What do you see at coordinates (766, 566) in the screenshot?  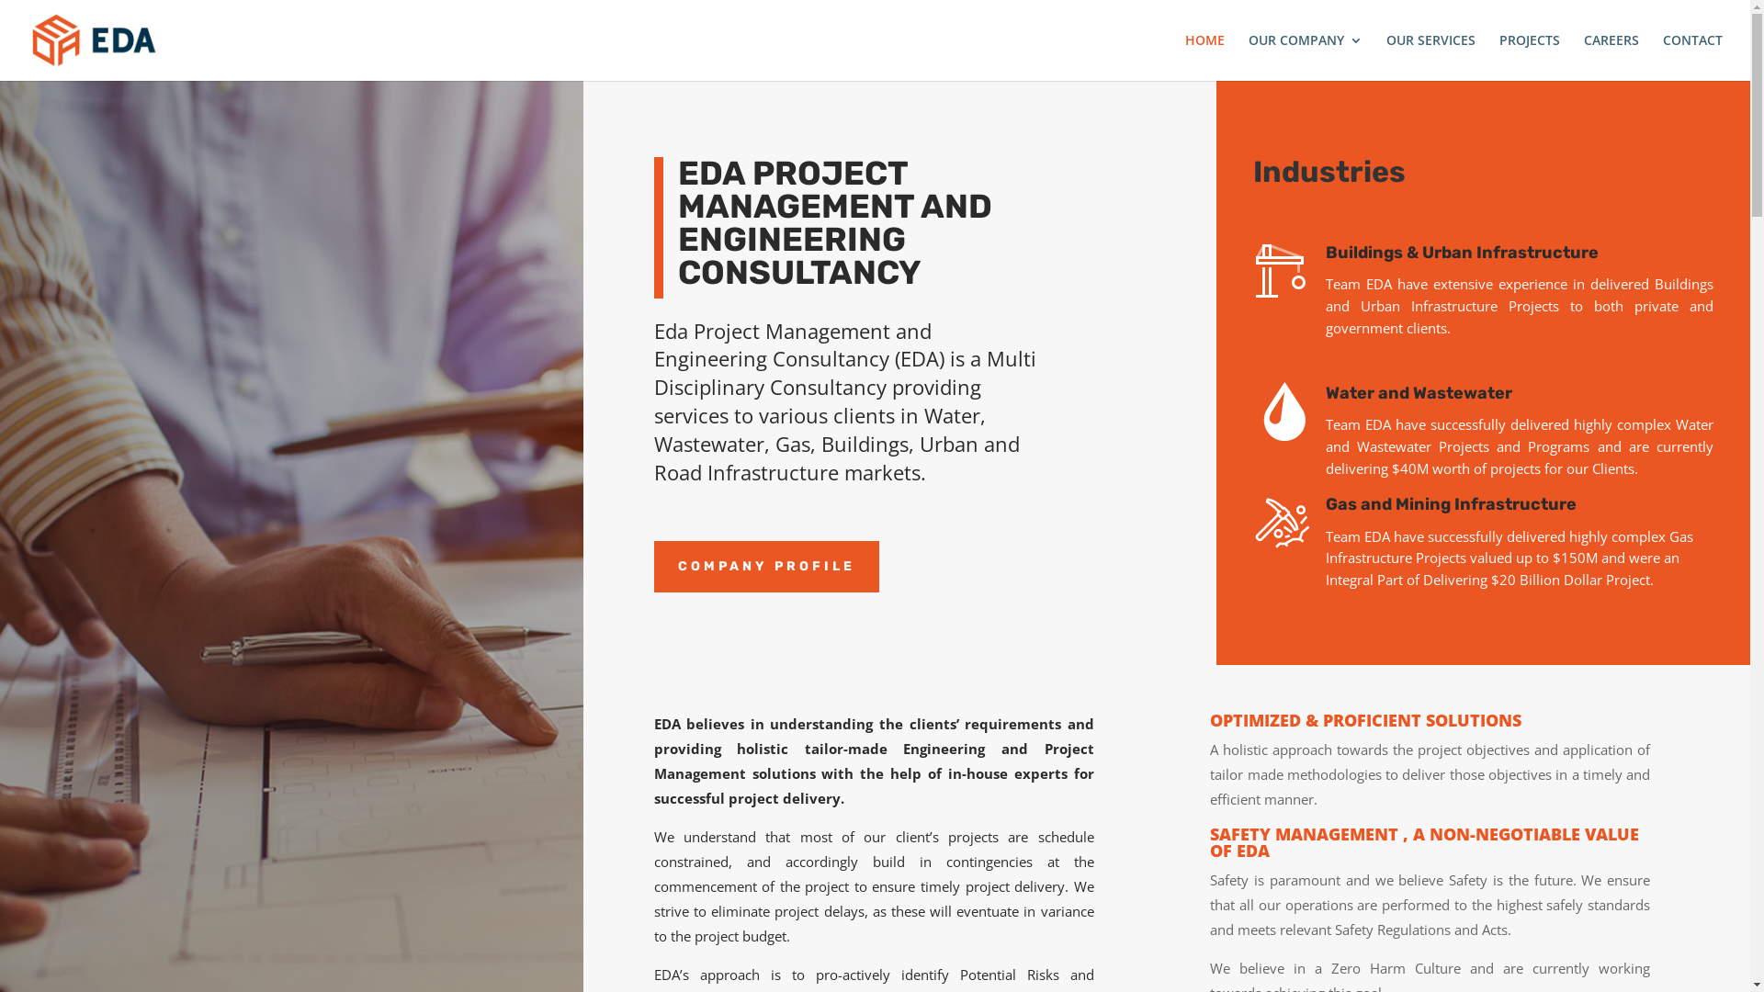 I see `'COMPANY PROFILE'` at bounding box center [766, 566].